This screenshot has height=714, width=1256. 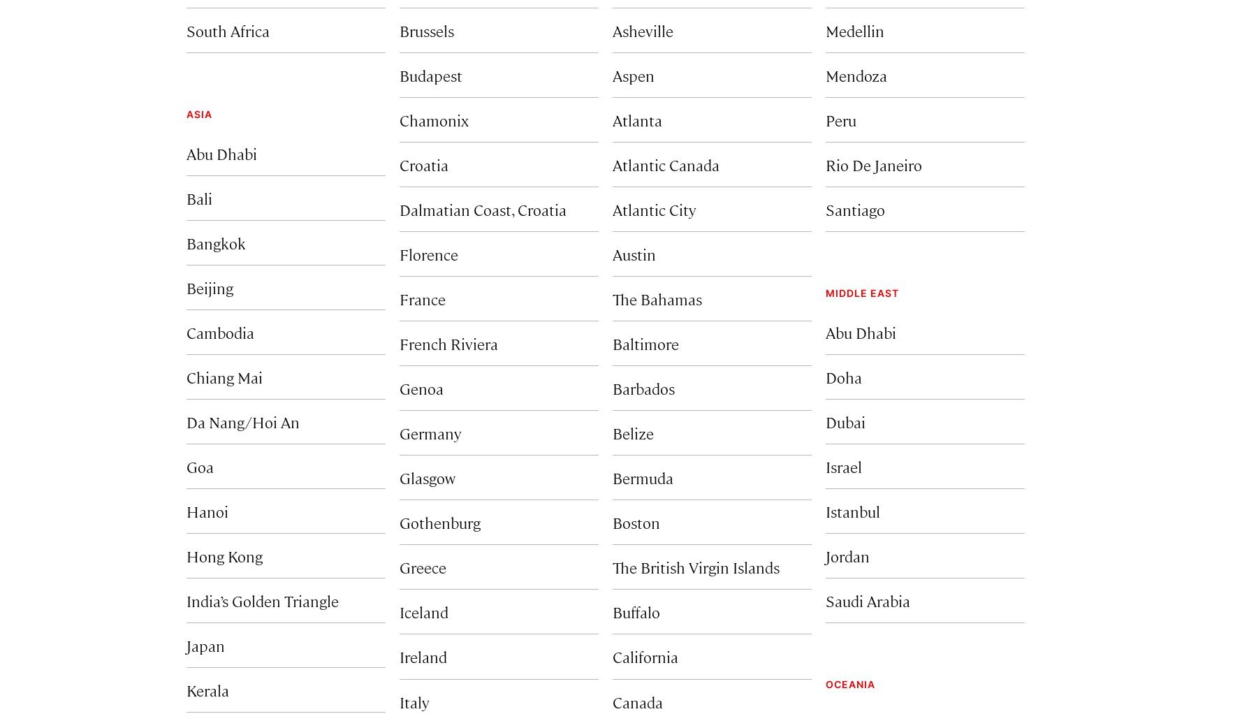 I want to click on 'Greece', so click(x=422, y=566).